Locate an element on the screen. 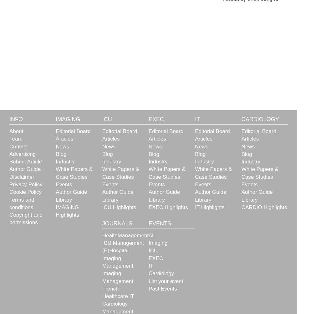 This screenshot has width=316, height=314. 'Cookie Policy' is located at coordinates (25, 192).